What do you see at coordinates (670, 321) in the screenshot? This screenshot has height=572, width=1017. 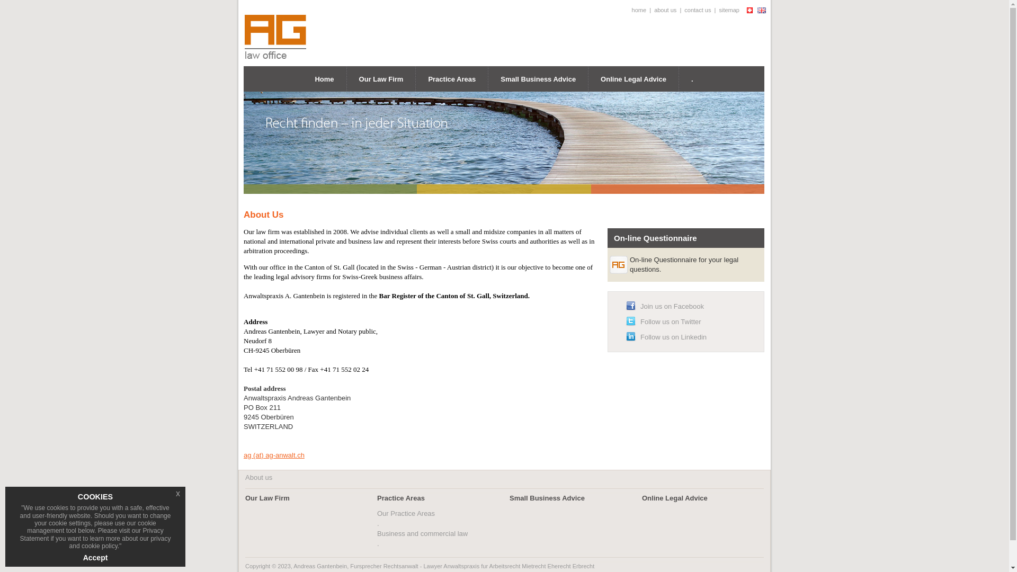 I see `'Follow us on Twitter'` at bounding box center [670, 321].